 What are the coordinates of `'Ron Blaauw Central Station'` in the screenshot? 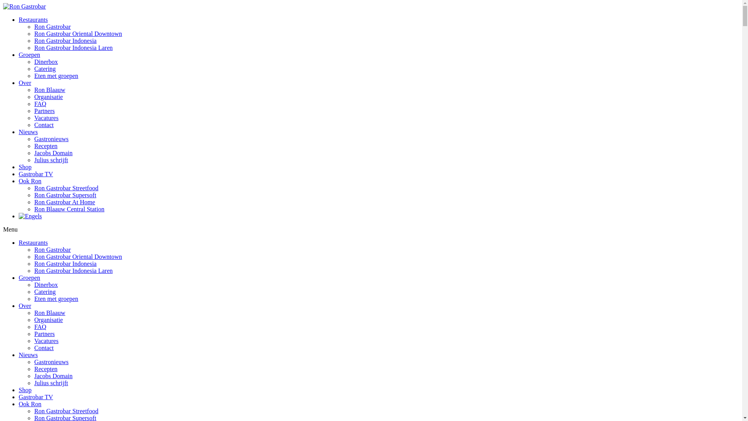 It's located at (69, 209).